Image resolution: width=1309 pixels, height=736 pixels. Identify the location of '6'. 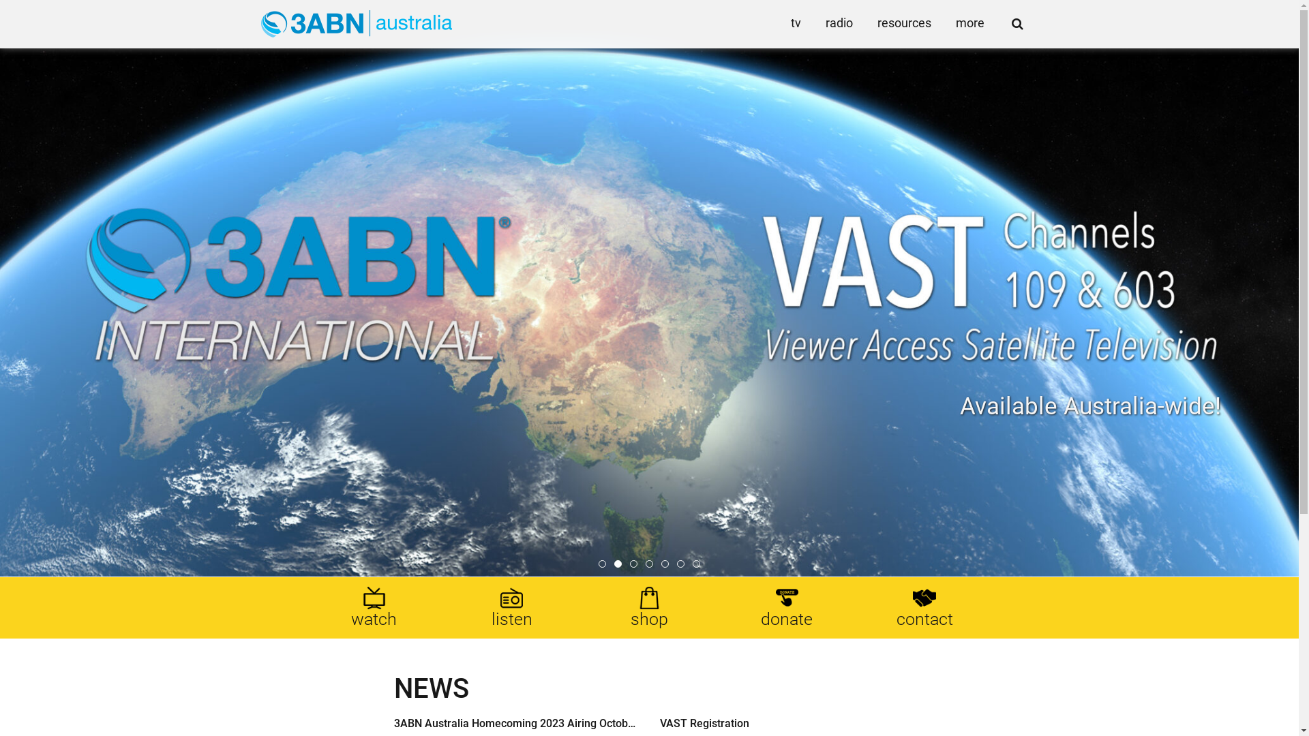
(680, 564).